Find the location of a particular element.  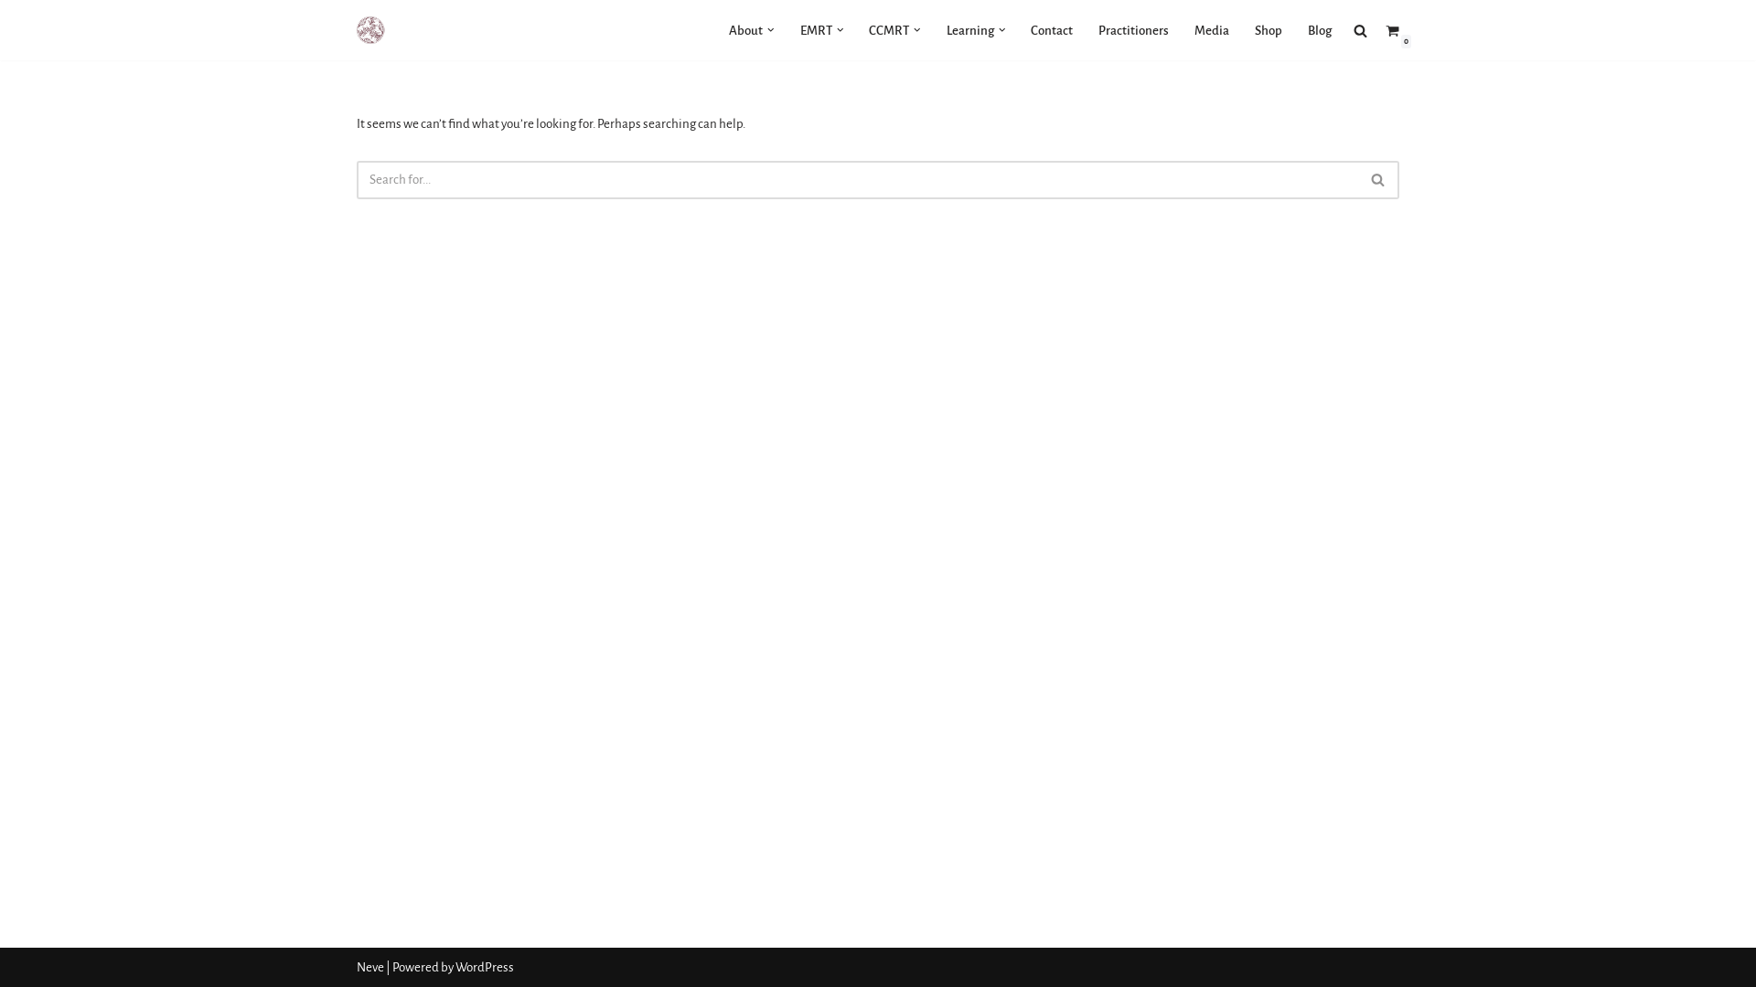

'Practitioners' is located at coordinates (1132, 29).